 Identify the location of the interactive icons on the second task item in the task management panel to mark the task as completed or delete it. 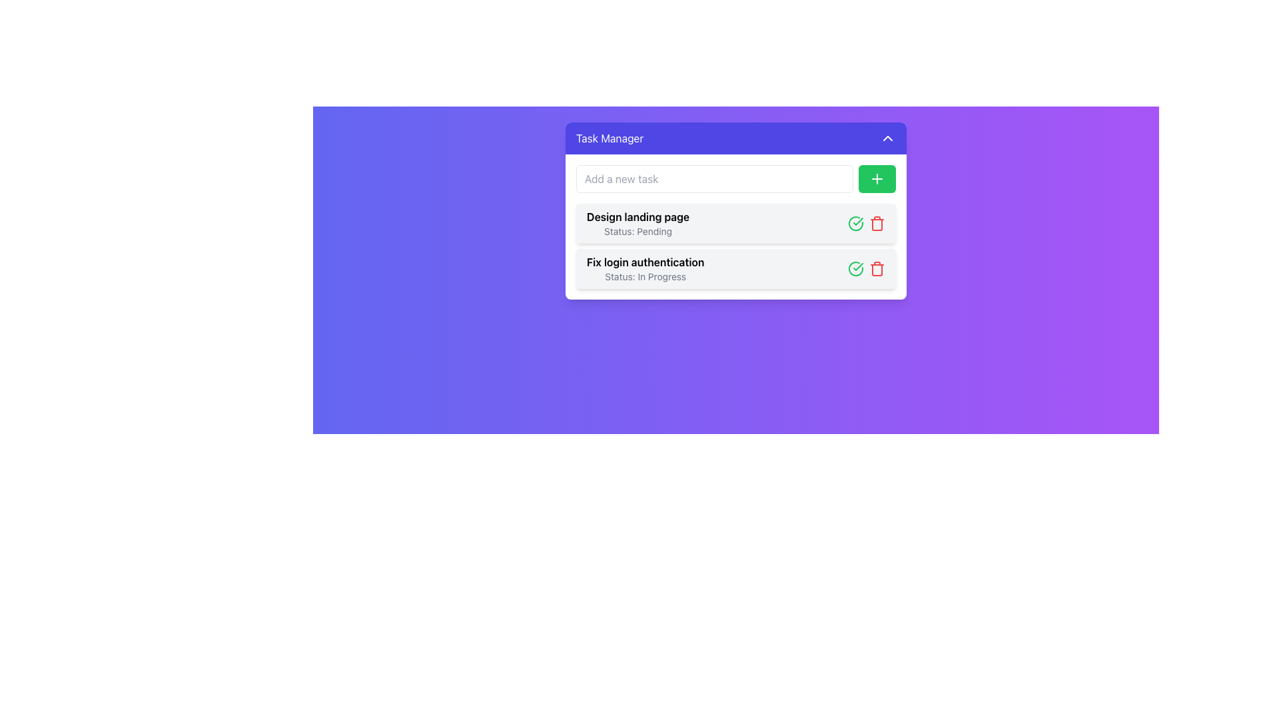
(735, 269).